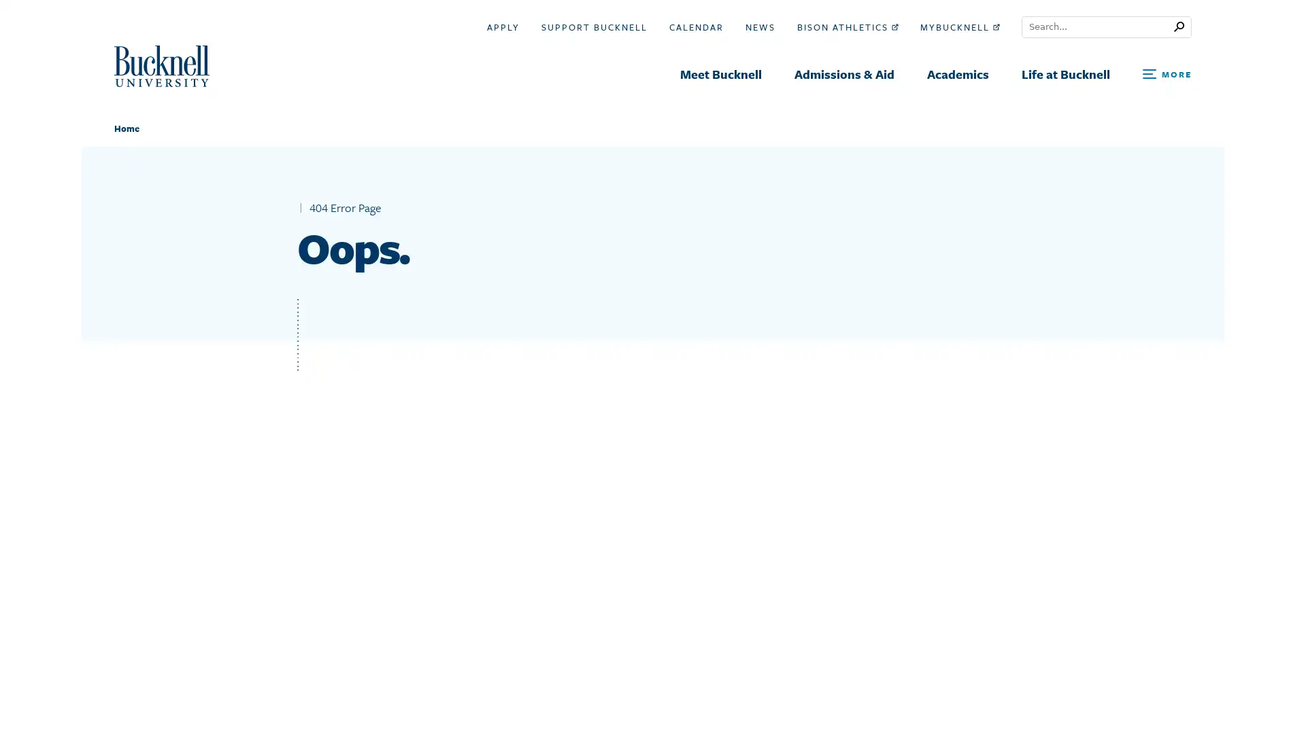  What do you see at coordinates (848, 714) in the screenshot?
I see `Search` at bounding box center [848, 714].